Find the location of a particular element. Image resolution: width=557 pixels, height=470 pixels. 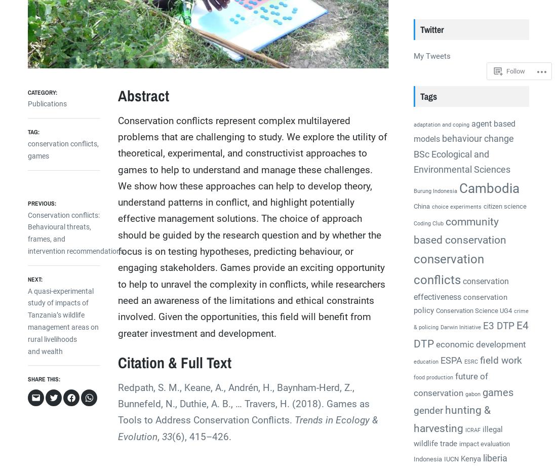

'My Tweets' is located at coordinates (413, 55).